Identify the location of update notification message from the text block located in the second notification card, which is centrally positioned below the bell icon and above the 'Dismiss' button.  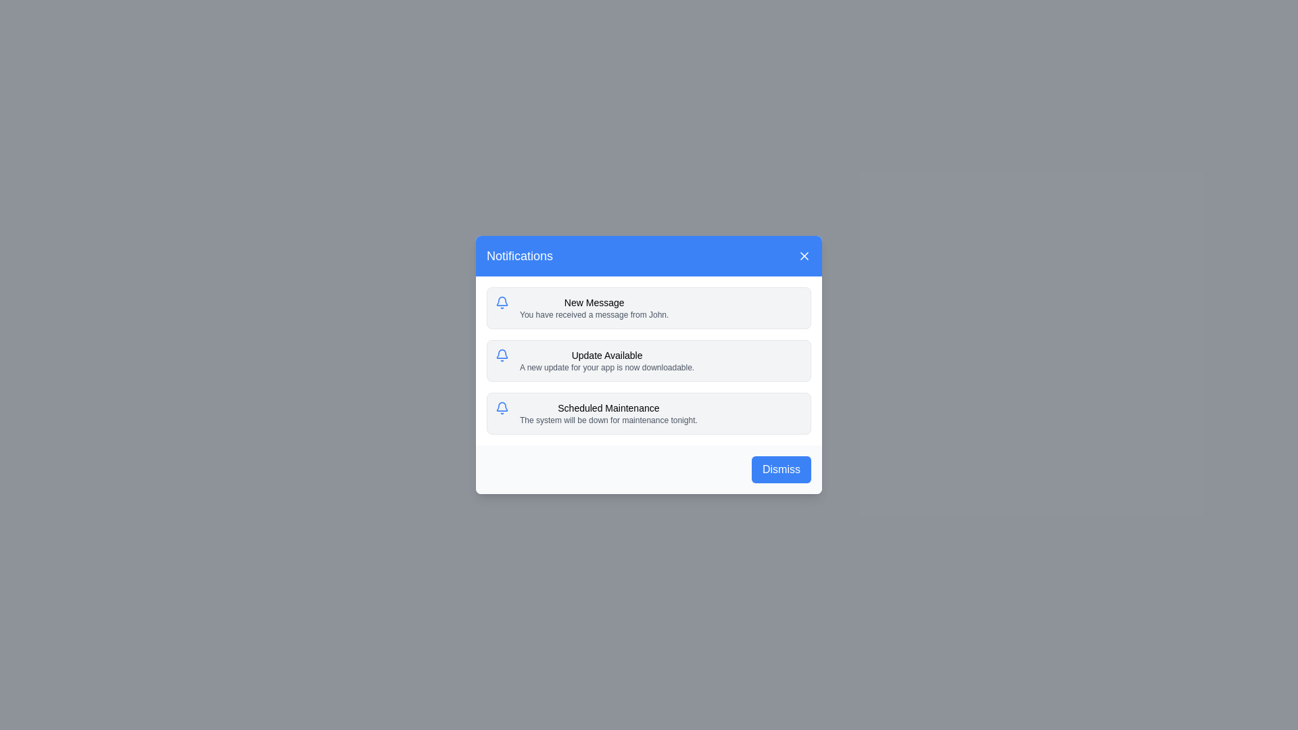
(606, 360).